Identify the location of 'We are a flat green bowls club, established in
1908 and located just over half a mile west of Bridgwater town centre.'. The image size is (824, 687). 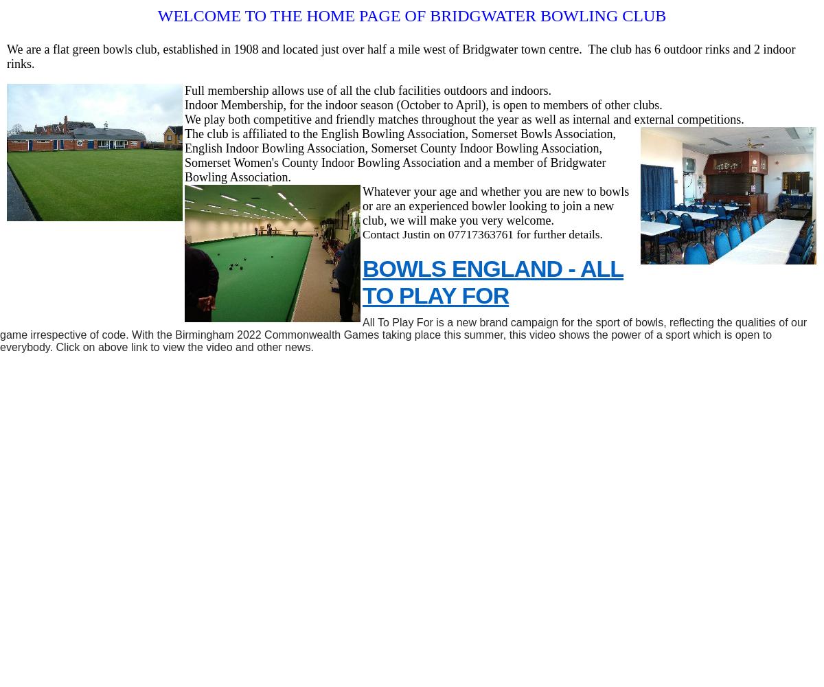
(294, 49).